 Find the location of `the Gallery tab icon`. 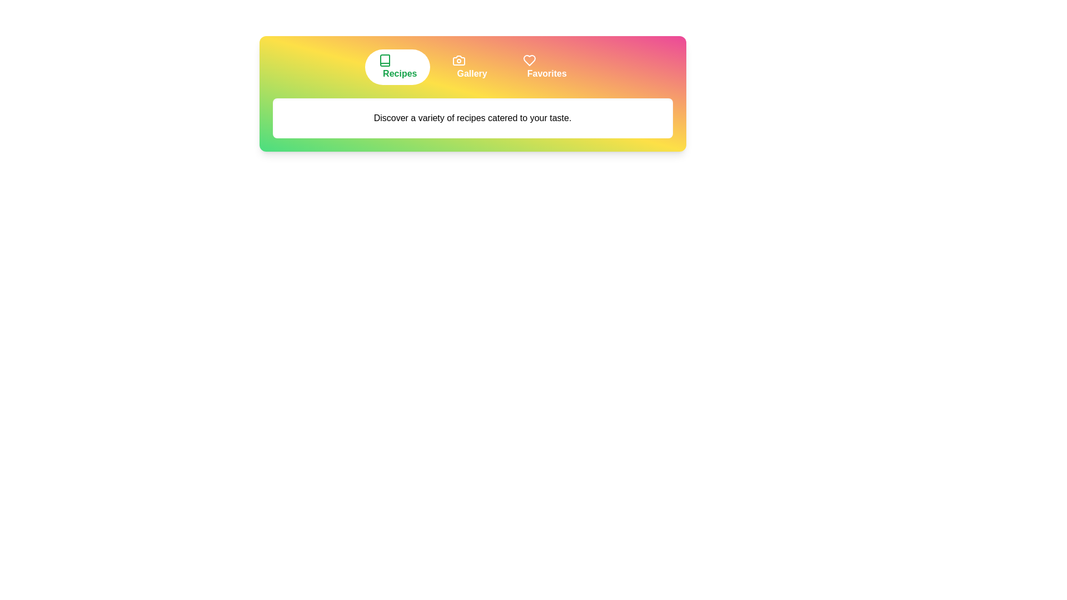

the Gallery tab icon is located at coordinates (470, 67).